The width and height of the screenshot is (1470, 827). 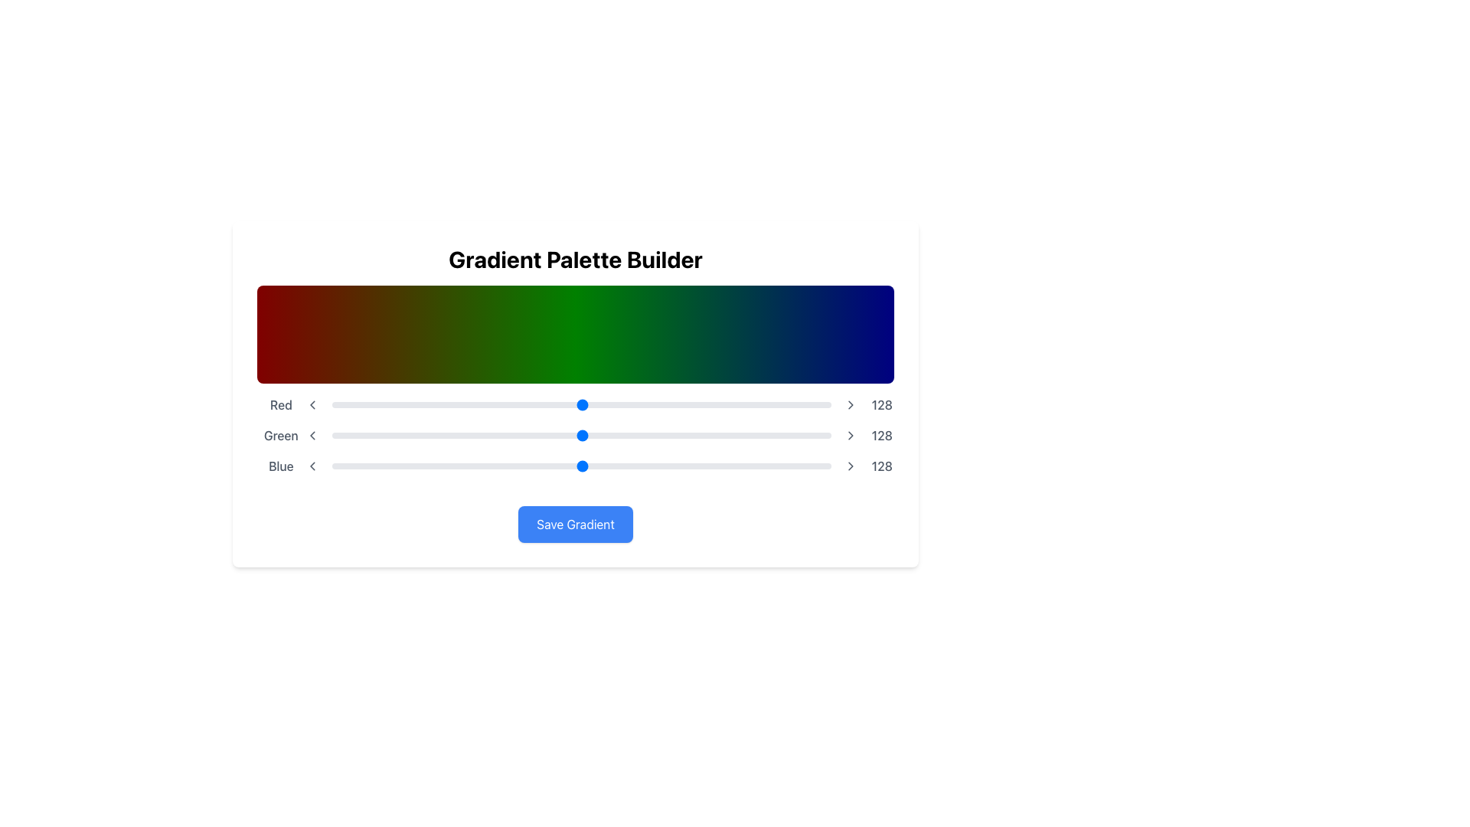 What do you see at coordinates (312, 466) in the screenshot?
I see `the left-chevron icon button to decrease the value for the 'Blue' color adjustment` at bounding box center [312, 466].